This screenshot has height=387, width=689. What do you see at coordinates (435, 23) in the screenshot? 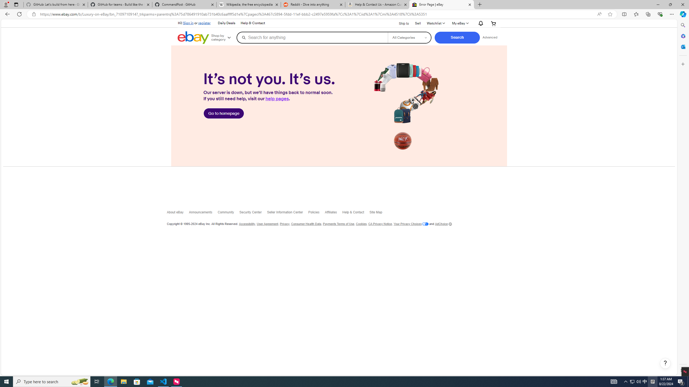
I see `'WatchlistExpand Watch List'` at bounding box center [435, 23].